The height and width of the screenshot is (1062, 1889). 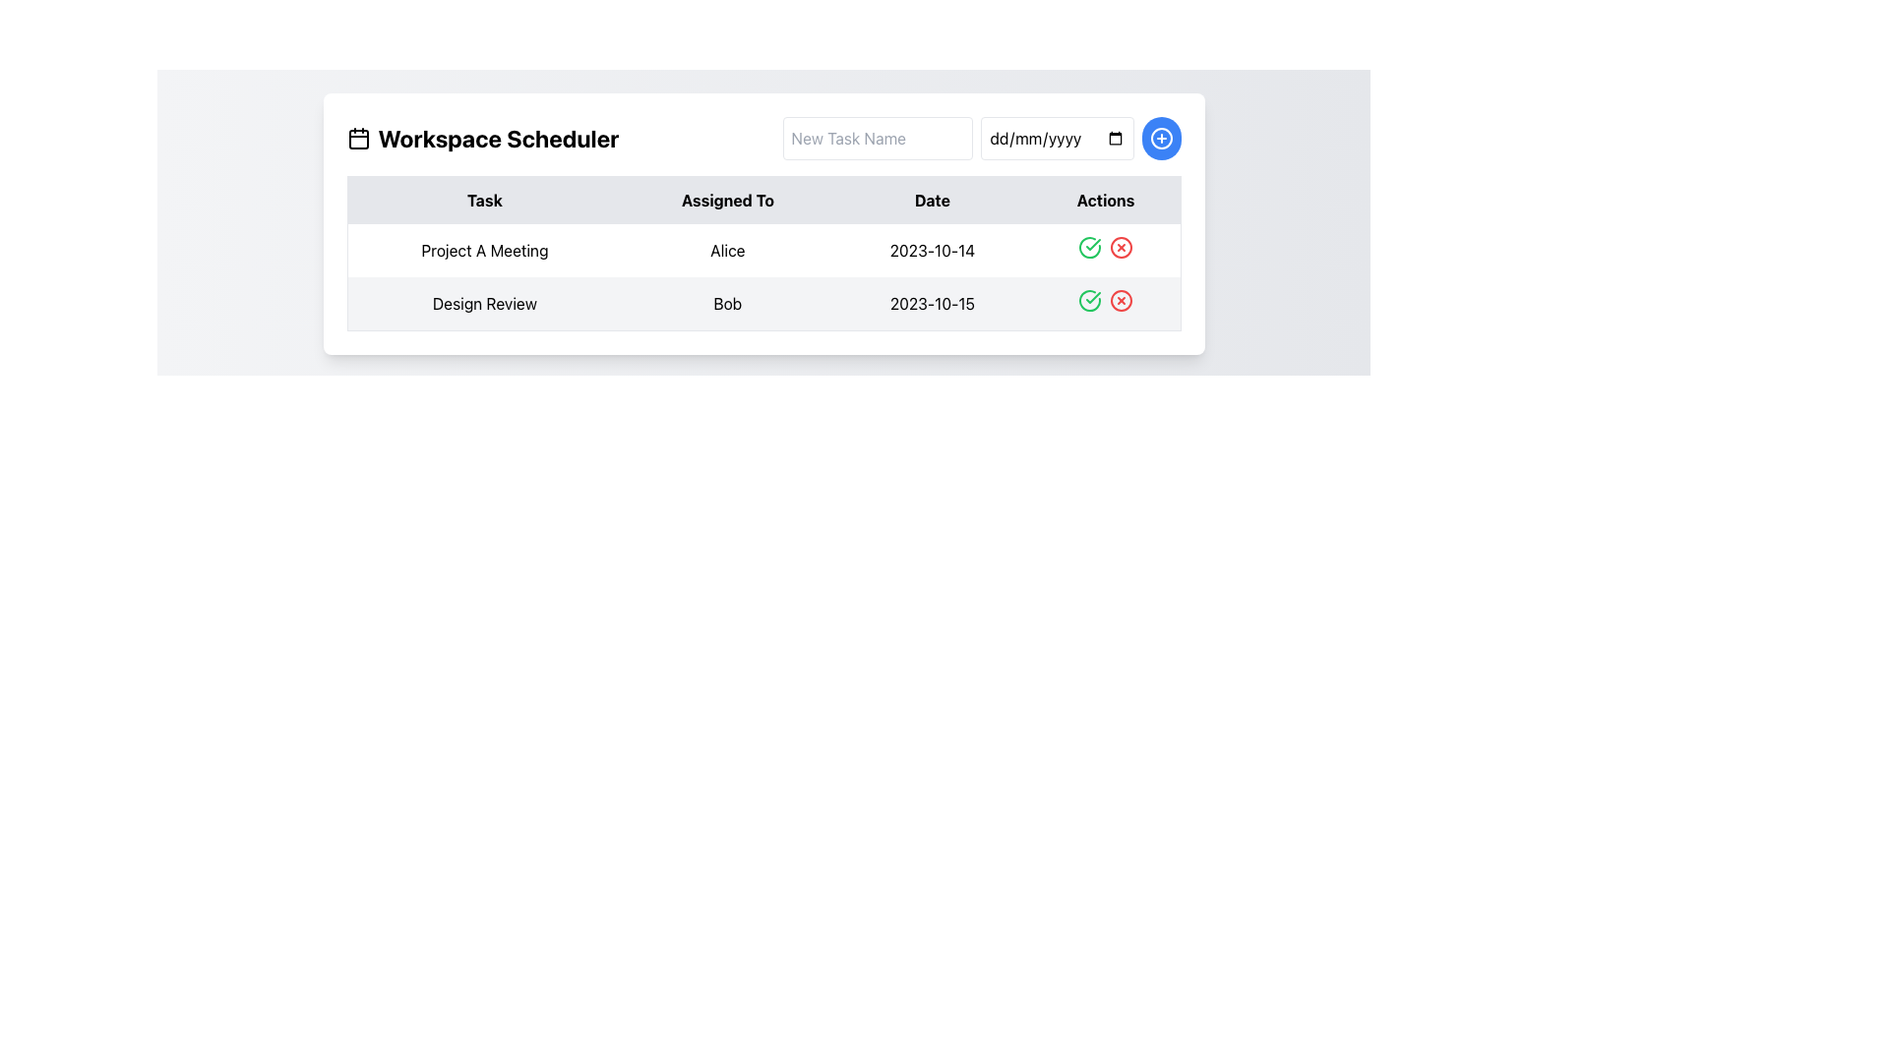 I want to click on the approval button located in the actions column of the second row of the 'Workspace Scheduler' table to mark the task 'Design Review' as approved or completed, so click(x=1089, y=246).